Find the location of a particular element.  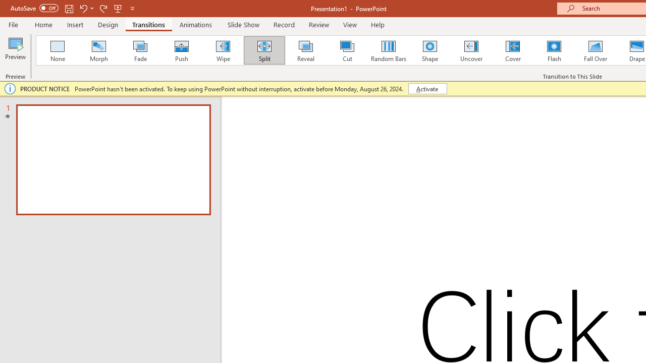

'Flash' is located at coordinates (554, 50).